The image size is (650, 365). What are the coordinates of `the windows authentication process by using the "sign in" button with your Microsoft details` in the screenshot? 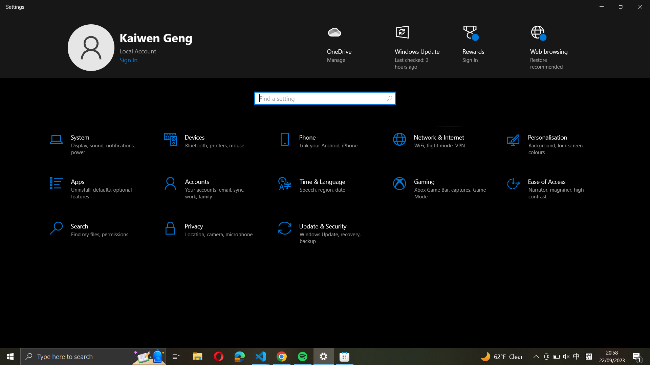 It's located at (129, 59).